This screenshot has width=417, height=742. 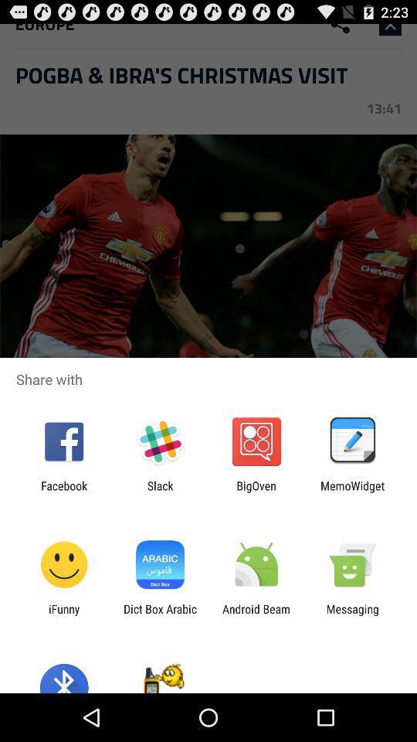 I want to click on app next to messaging item, so click(x=256, y=615).